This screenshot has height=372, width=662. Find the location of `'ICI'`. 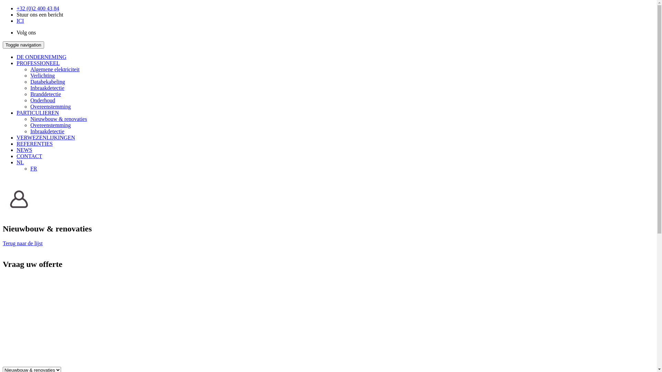

'ICI' is located at coordinates (20, 20).